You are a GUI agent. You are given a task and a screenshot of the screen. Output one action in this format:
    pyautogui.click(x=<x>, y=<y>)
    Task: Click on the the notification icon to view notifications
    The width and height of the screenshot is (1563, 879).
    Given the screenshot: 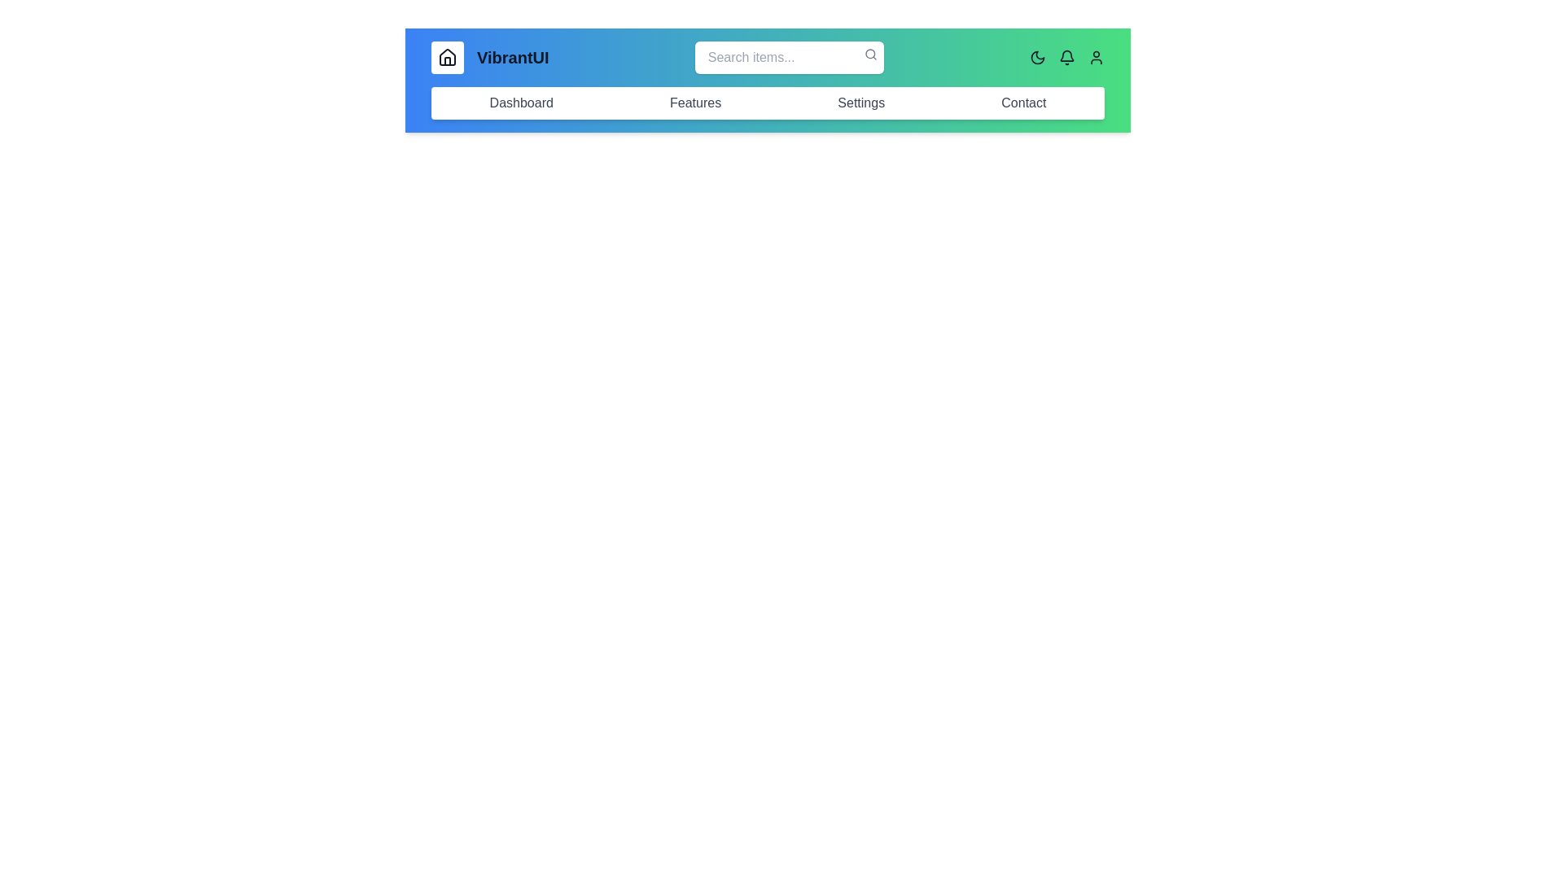 What is the action you would take?
    pyautogui.click(x=1066, y=56)
    